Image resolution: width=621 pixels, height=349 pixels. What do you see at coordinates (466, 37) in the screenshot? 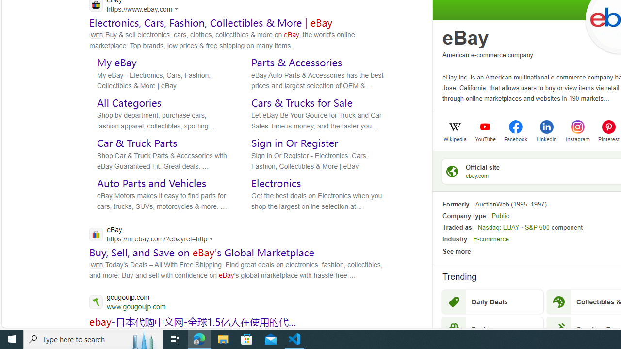
I see `'eBay'` at bounding box center [466, 37].